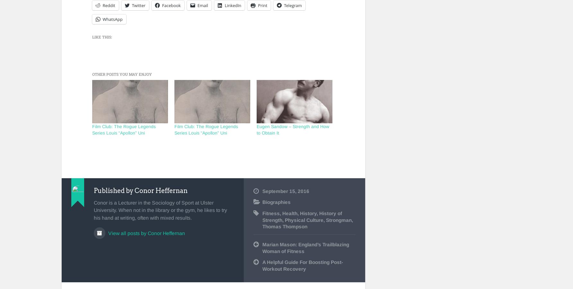 This screenshot has height=289, width=573. What do you see at coordinates (171, 5) in the screenshot?
I see `'Facebook'` at bounding box center [171, 5].